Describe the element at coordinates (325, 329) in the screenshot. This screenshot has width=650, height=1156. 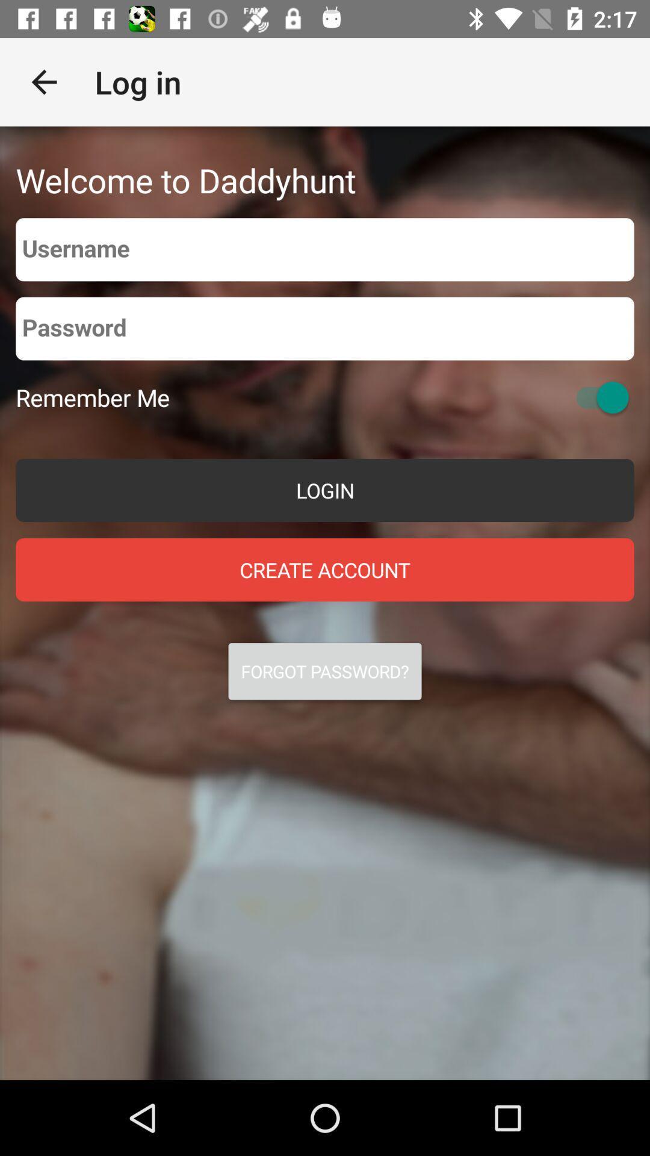
I see `input password` at that location.